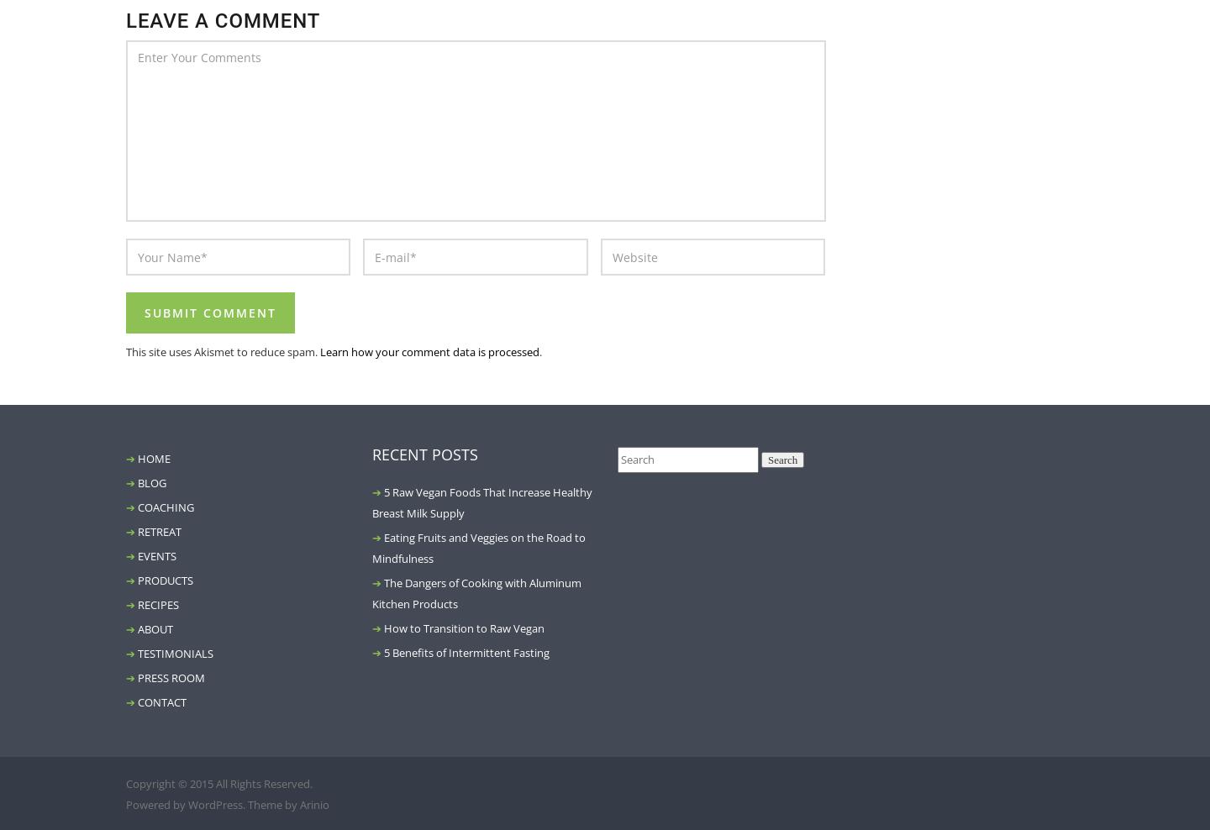 This screenshot has width=1210, height=830. Describe the element at coordinates (158, 604) in the screenshot. I see `'RECIPES'` at that location.